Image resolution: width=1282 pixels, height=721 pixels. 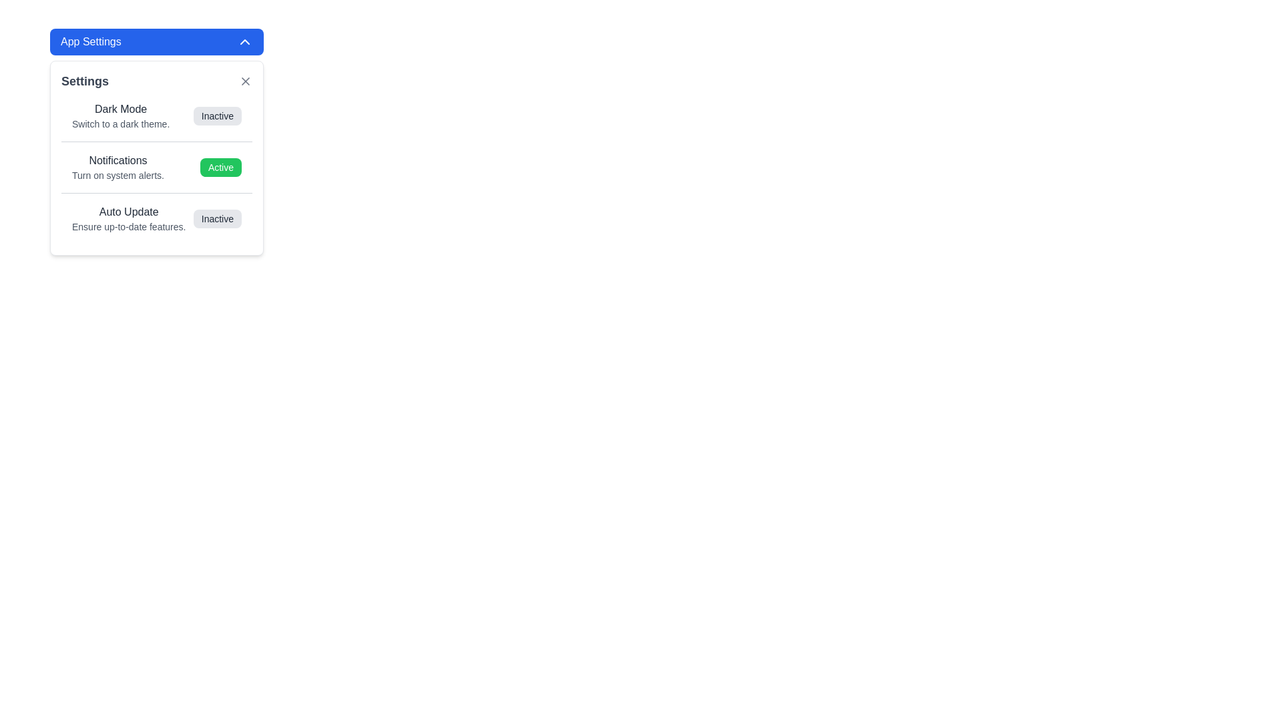 What do you see at coordinates (244, 41) in the screenshot?
I see `the chevron-shaped icon button, which is white on a blue background, located on the rightmost edge of the 'App Settings' button` at bounding box center [244, 41].